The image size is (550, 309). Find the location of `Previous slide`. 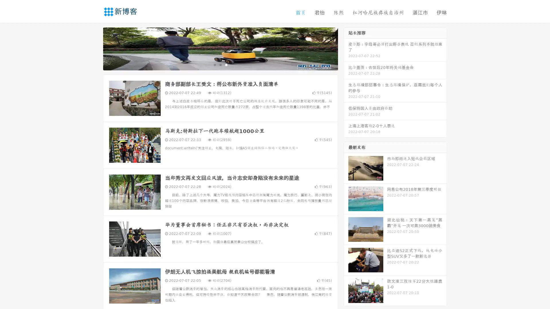

Previous slide is located at coordinates (95, 48).